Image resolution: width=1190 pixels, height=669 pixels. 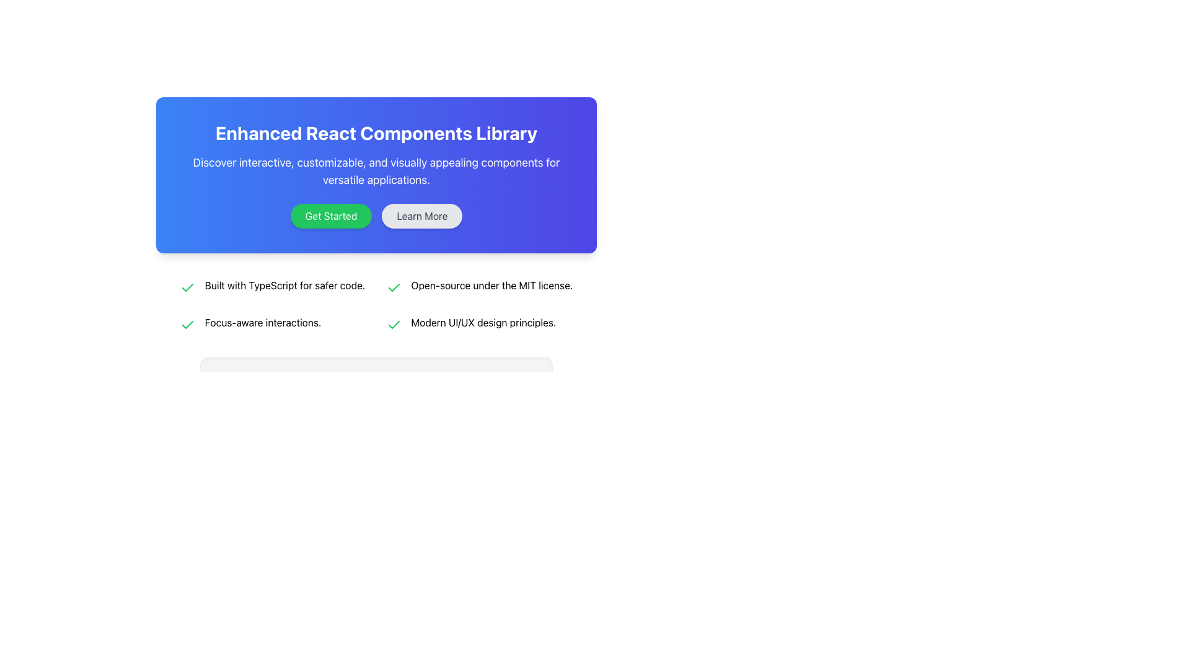 I want to click on the text element that says 'Modern UI/UX design principles', located in the lower-right area of the visible content, under the main heading, and beside a green checkmark icon, so click(x=483, y=321).